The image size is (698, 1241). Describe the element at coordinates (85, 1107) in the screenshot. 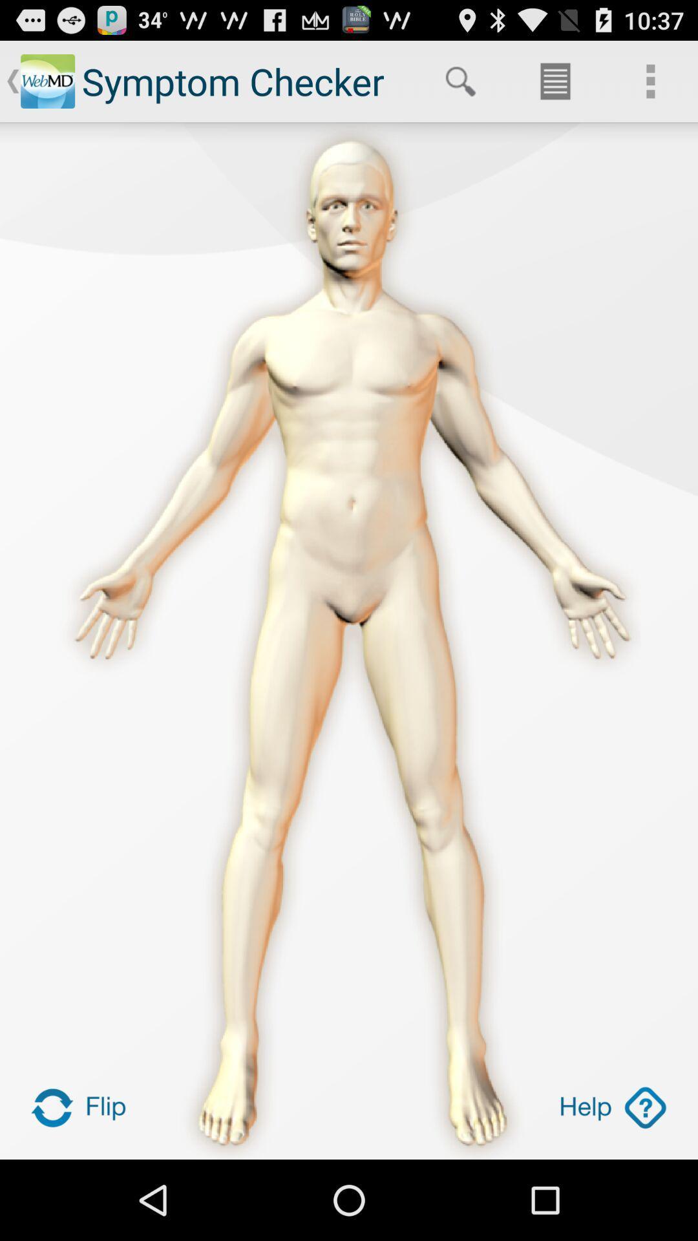

I see `rotates image of body to reverse side` at that location.